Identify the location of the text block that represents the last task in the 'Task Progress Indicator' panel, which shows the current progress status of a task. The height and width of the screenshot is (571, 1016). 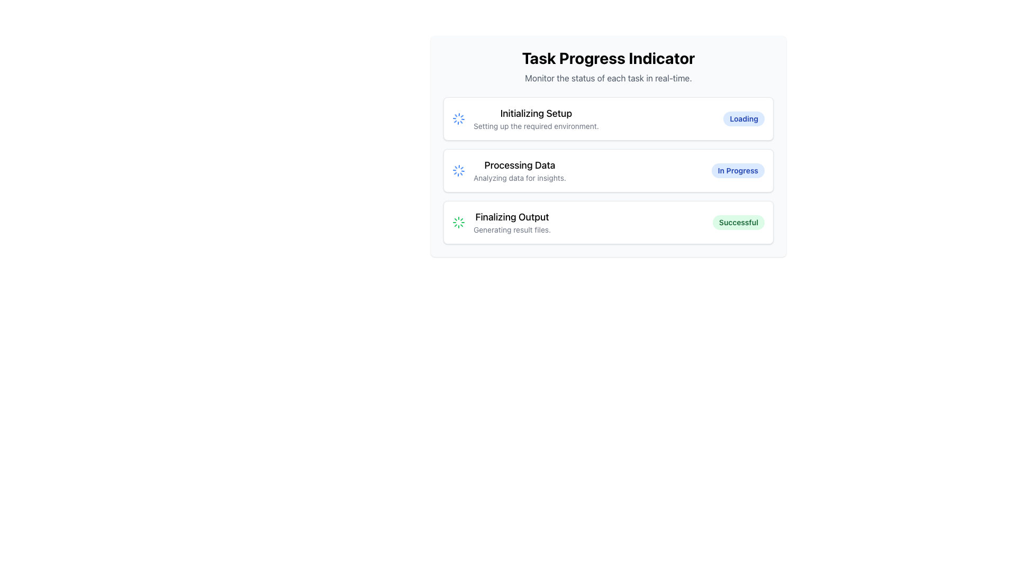
(512, 222).